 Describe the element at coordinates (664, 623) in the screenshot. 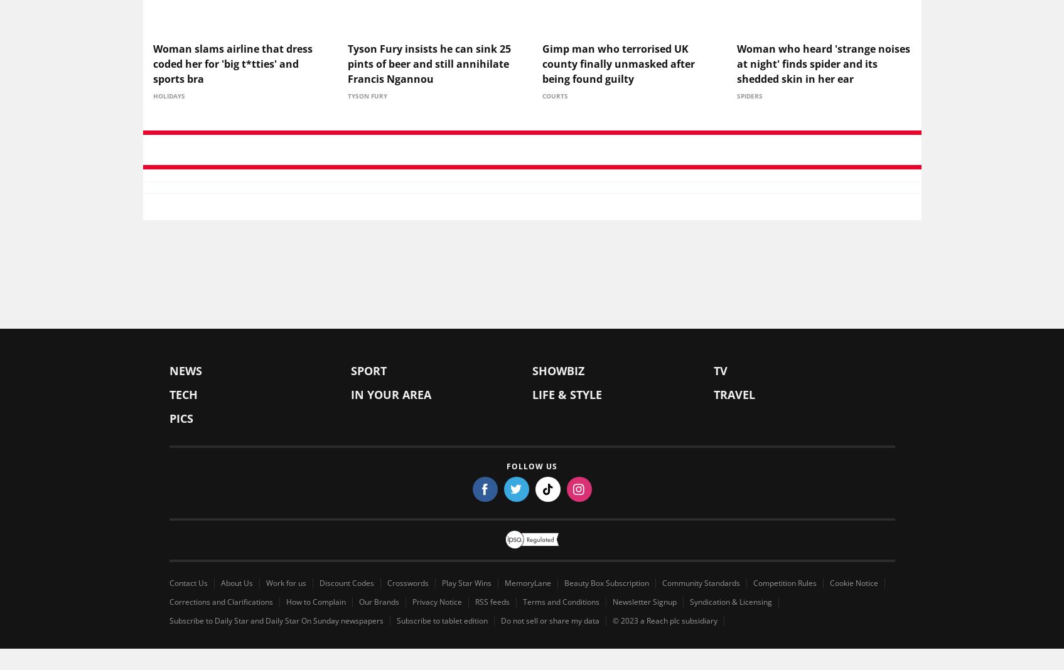

I see `'© 2023 a Reach plc subsidiary'` at that location.